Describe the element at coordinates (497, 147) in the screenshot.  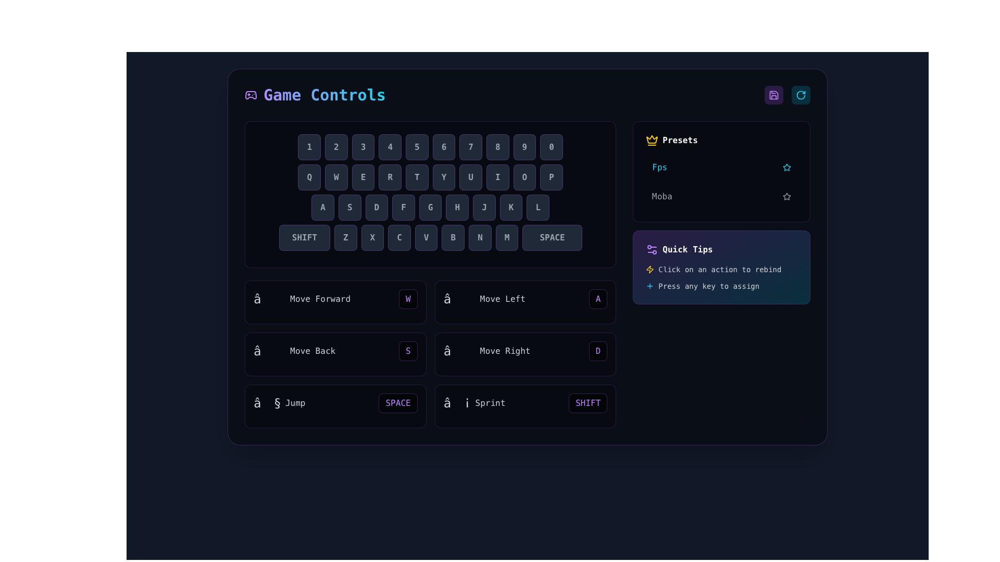
I see `the button associated with the number '8' on the virtual keyboard layout, which is the eighth button in a row of ten, located centrally above the letter keys` at that location.